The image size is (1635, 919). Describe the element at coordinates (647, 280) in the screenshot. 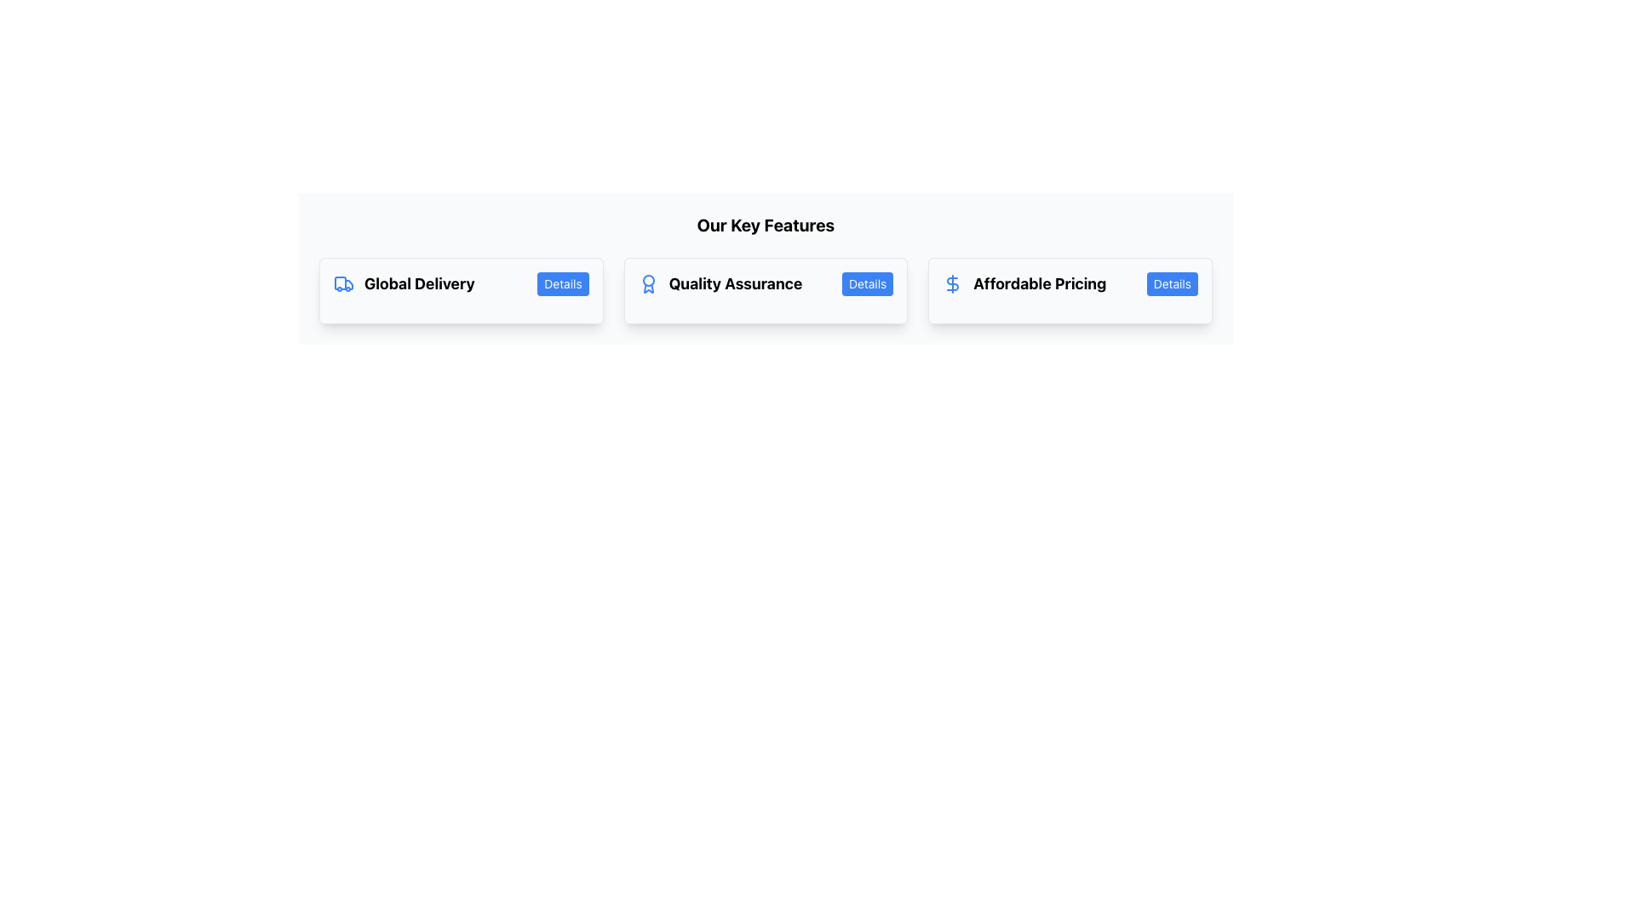

I see `the SVG Circle that represents the 'Quality Assurance' feature card, located at the top-left corner of the text area` at that location.